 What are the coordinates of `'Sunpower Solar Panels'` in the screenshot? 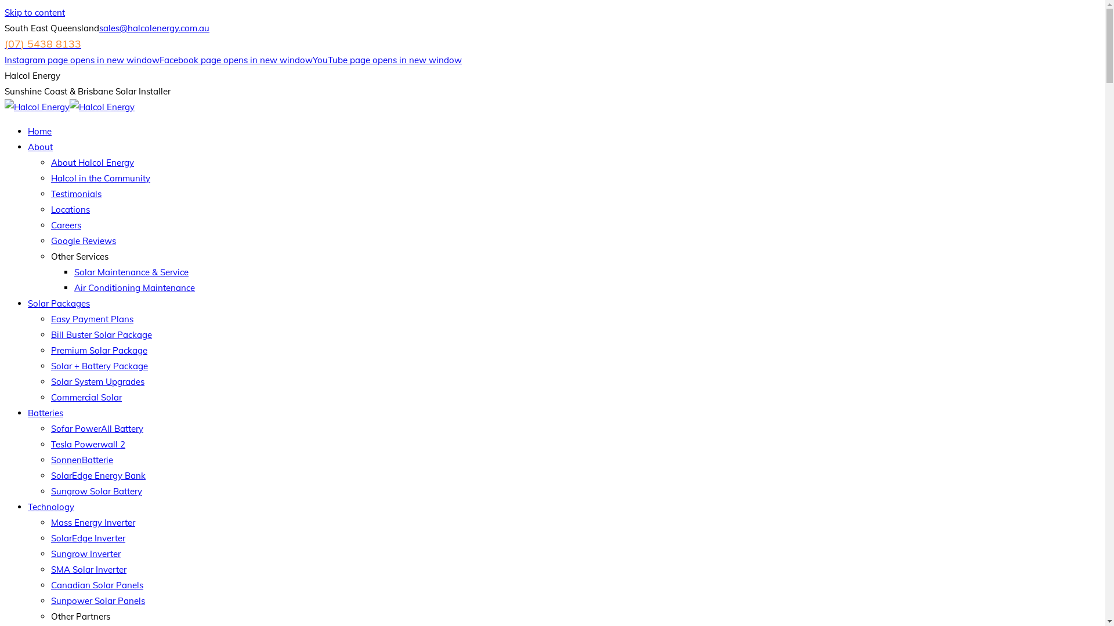 It's located at (97, 600).